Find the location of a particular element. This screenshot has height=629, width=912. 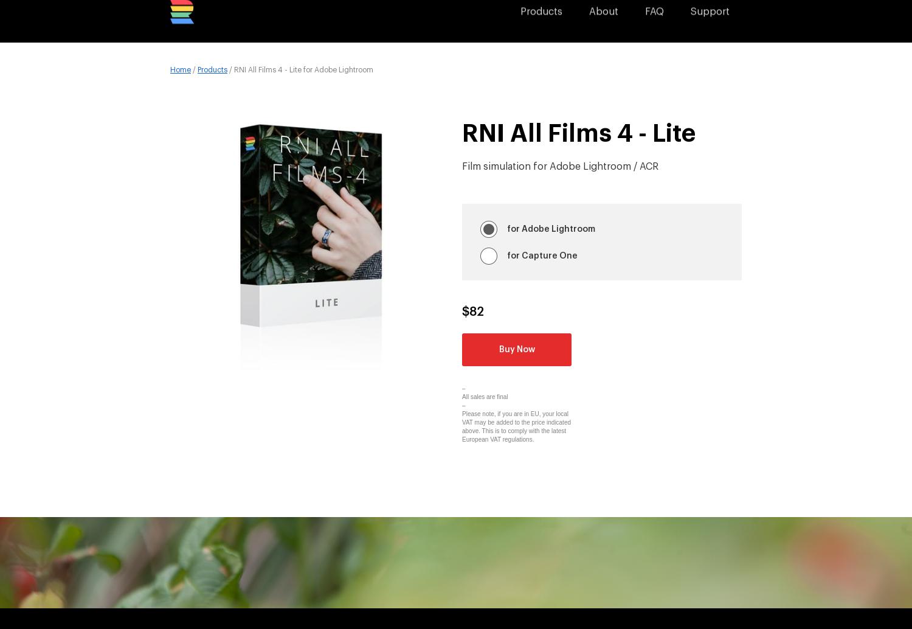

'/ RNI All Films 4 - Lite for Adobe Lightroom' is located at coordinates (226, 69).